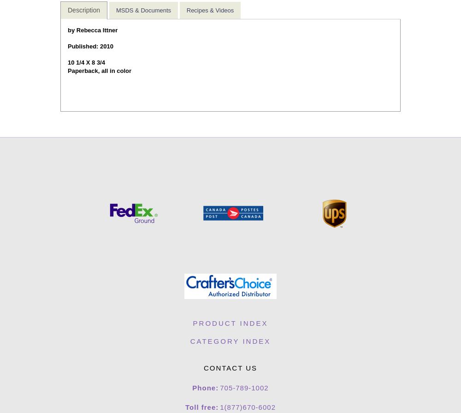  What do you see at coordinates (68, 10) in the screenshot?
I see `'Description'` at bounding box center [68, 10].